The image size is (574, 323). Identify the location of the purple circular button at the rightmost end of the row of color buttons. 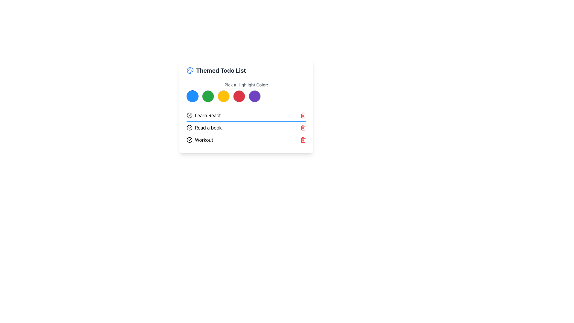
(254, 96).